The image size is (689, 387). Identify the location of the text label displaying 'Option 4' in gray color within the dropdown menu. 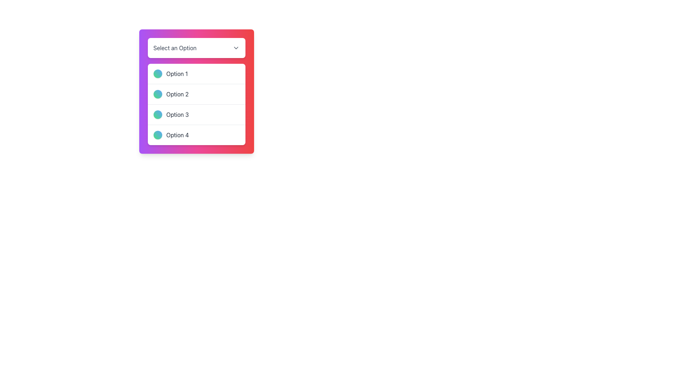
(177, 135).